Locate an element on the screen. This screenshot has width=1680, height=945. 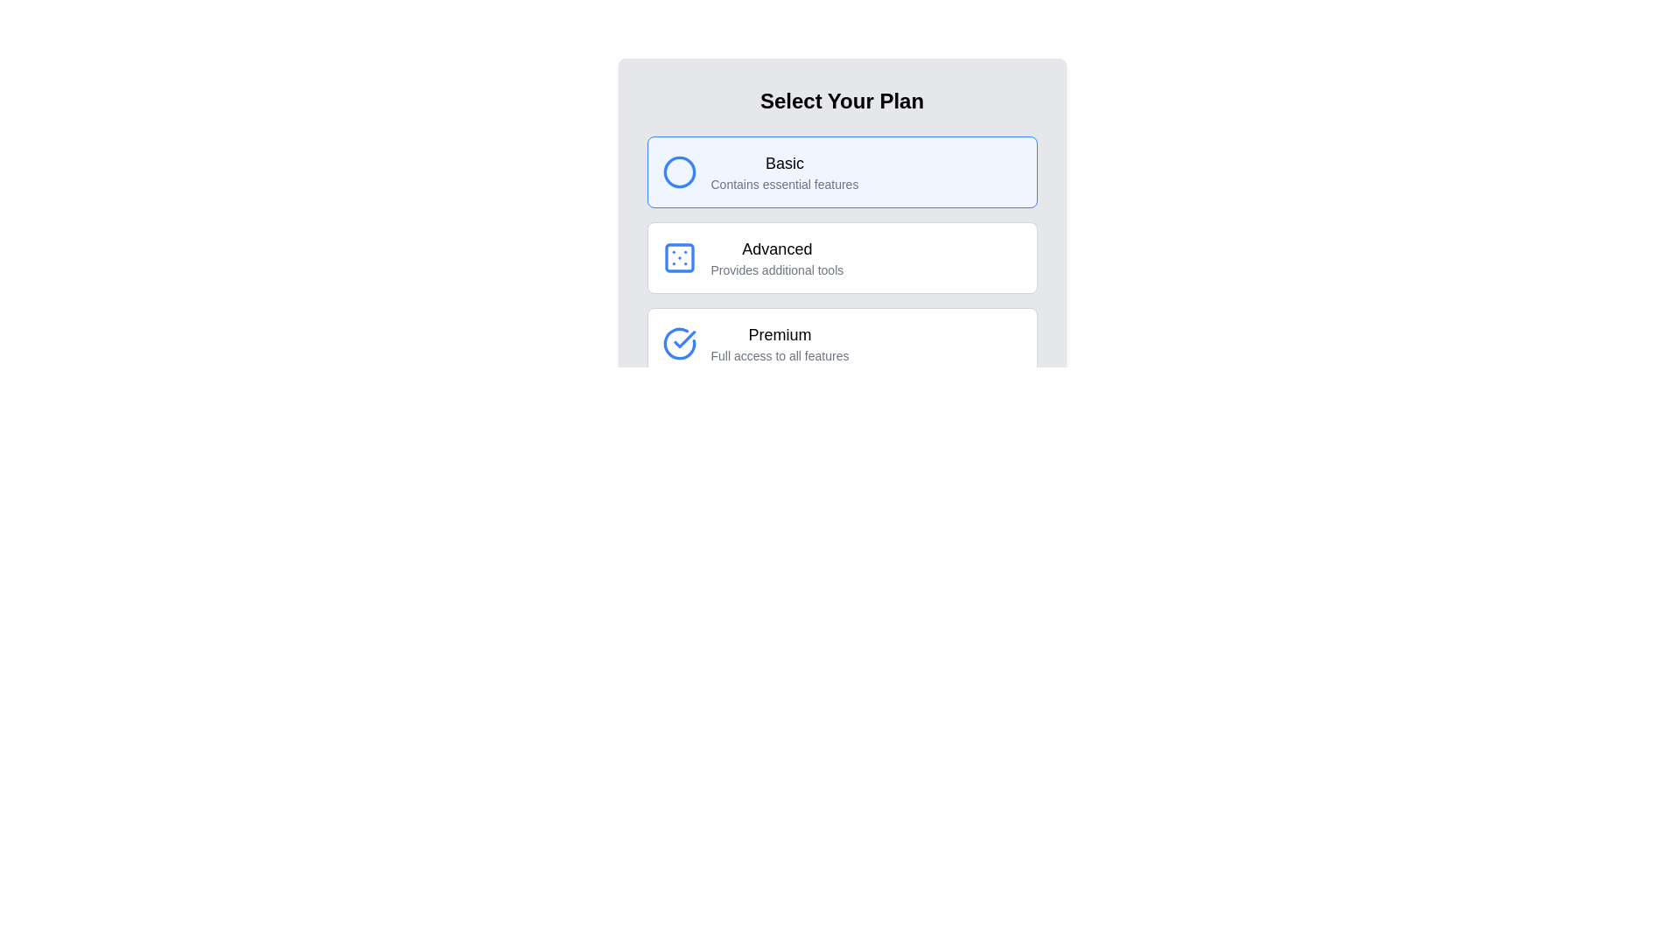
the second card-like selection item in the 'Select Your Plan' menu is located at coordinates (842, 257).